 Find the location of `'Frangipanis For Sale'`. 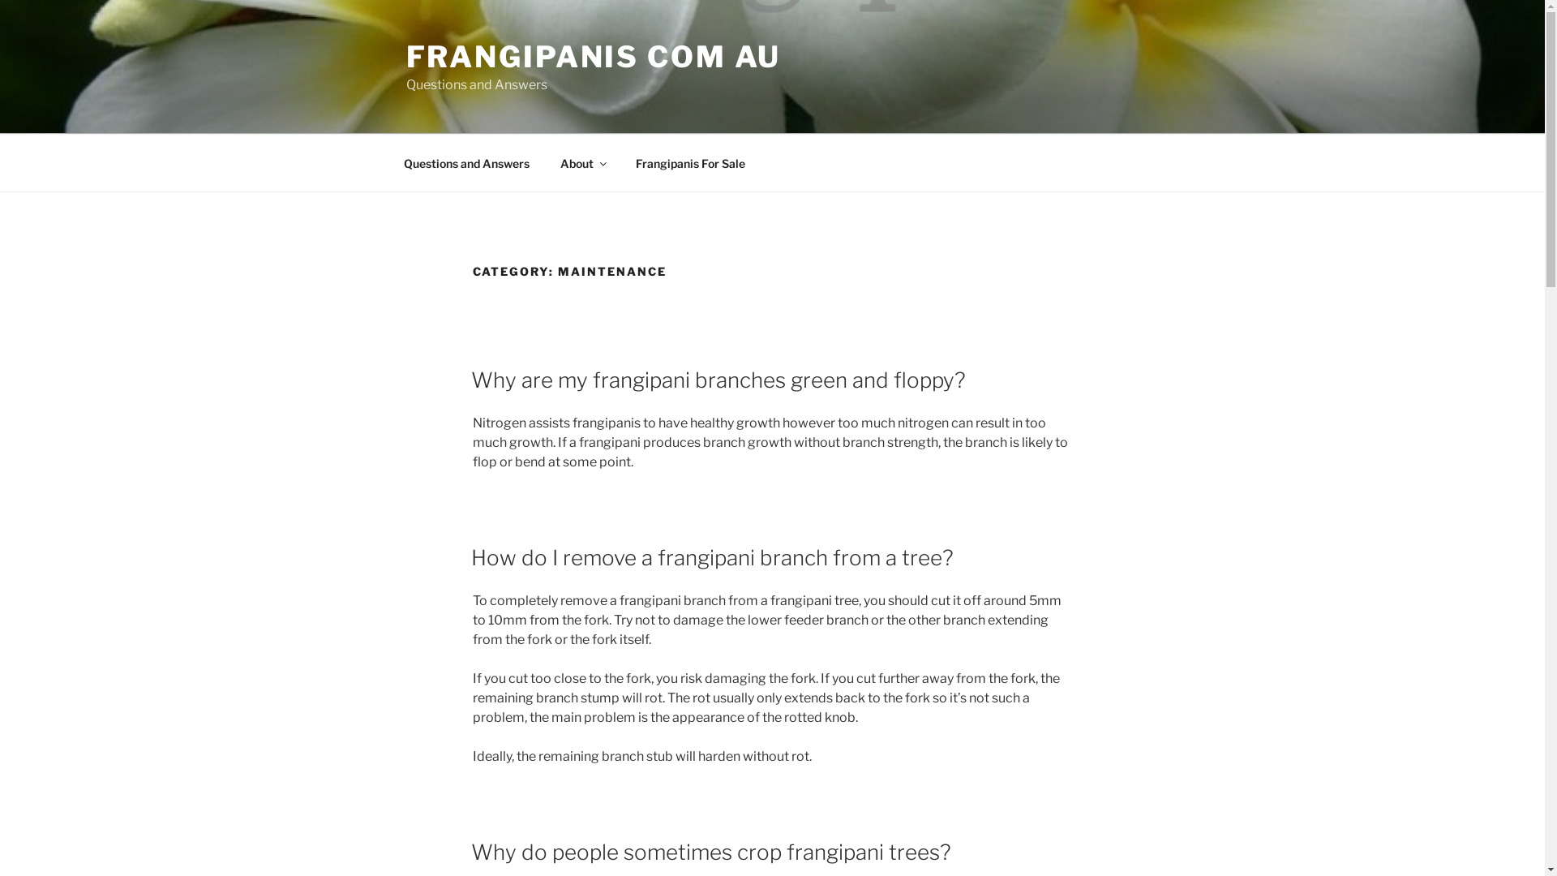

'Frangipanis For Sale' is located at coordinates (620, 162).